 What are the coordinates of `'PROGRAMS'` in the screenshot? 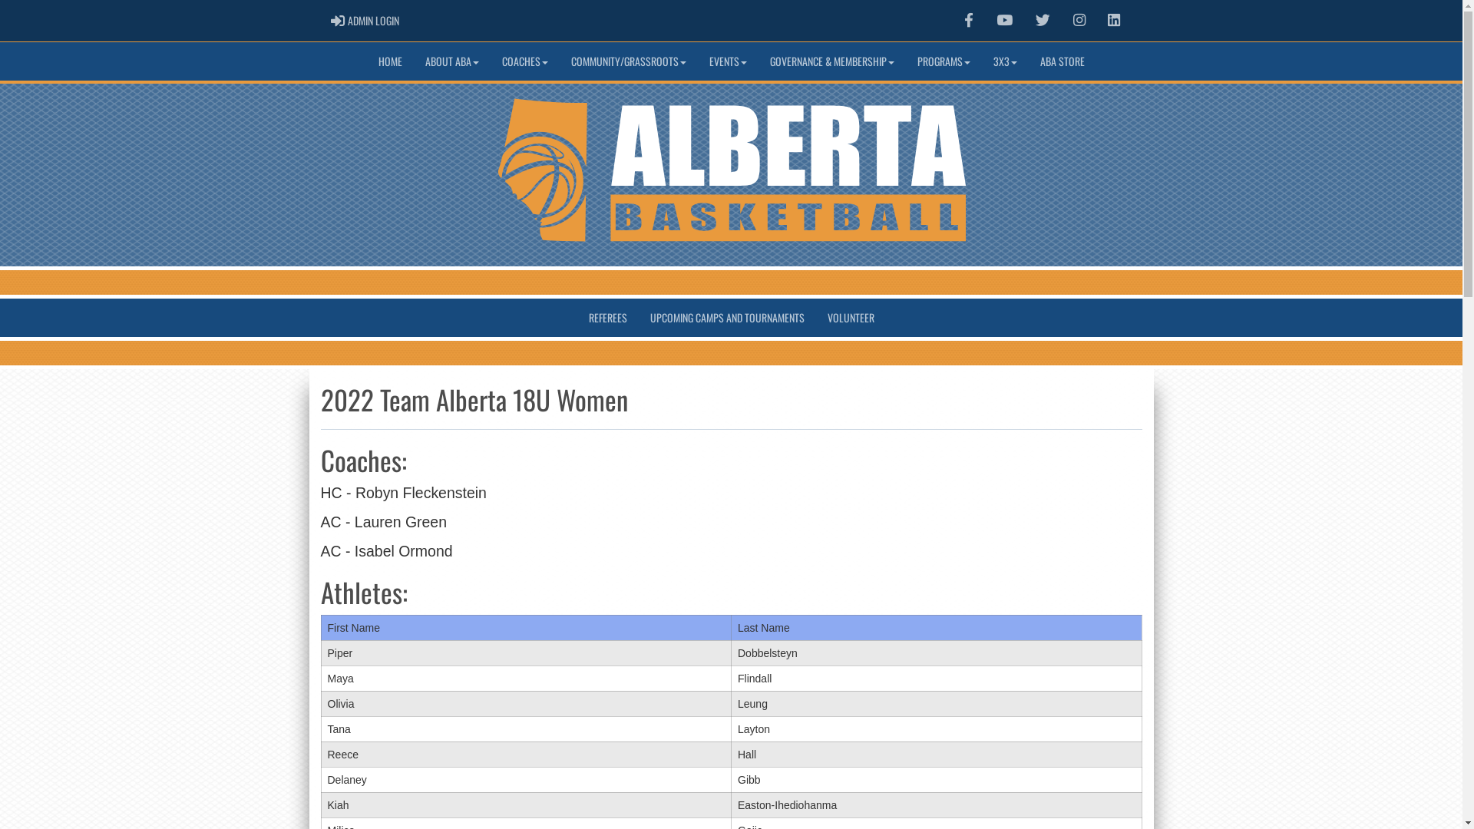 It's located at (943, 61).